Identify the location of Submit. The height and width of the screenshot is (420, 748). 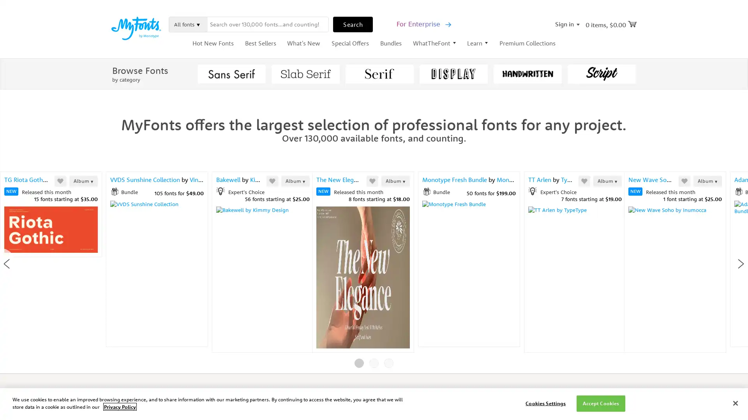
(444, 190).